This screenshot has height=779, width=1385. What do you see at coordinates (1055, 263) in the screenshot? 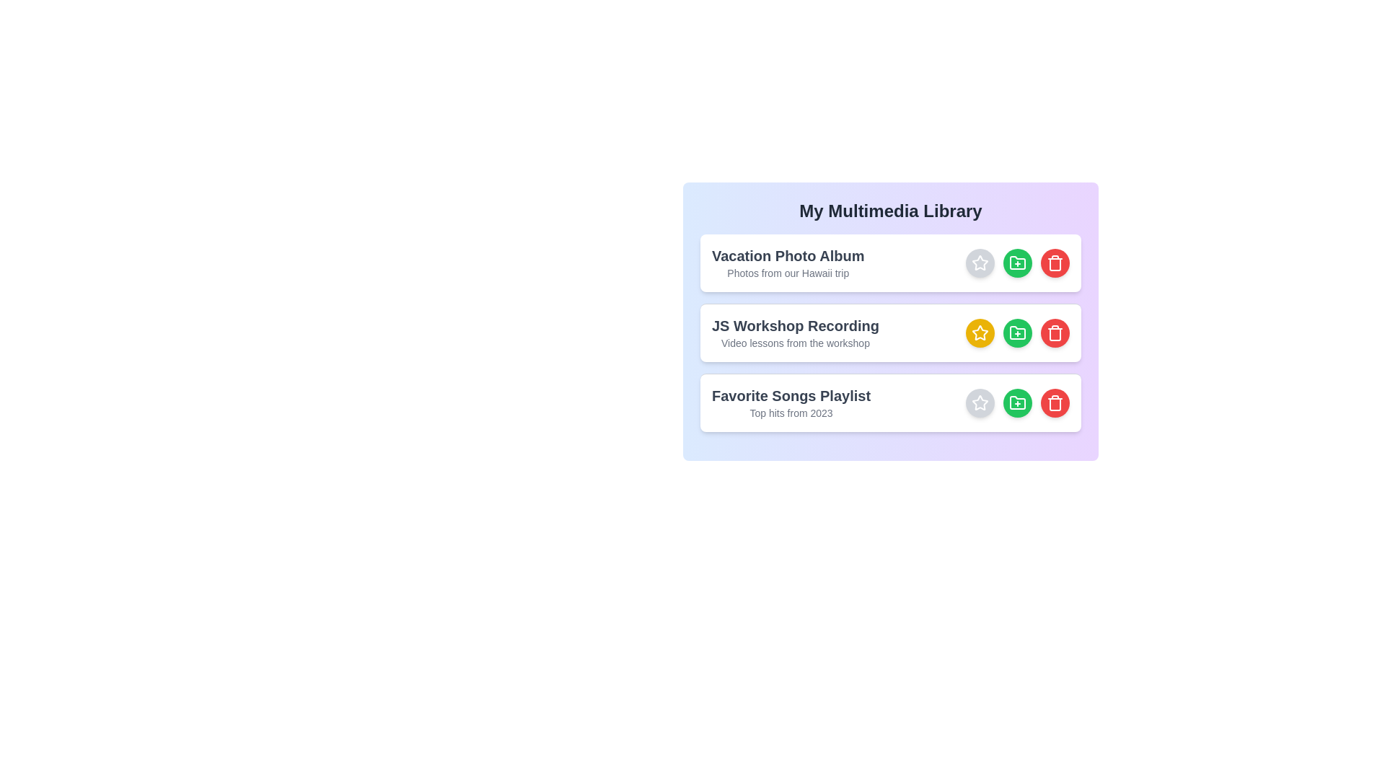
I see `the trash can icon within the red circular button` at bounding box center [1055, 263].